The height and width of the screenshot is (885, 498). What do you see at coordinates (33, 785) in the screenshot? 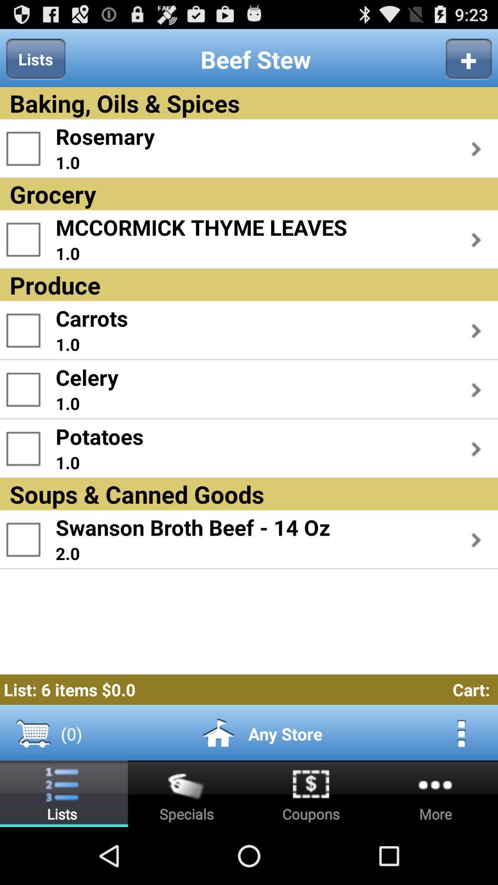
I see `the cart icon` at bounding box center [33, 785].